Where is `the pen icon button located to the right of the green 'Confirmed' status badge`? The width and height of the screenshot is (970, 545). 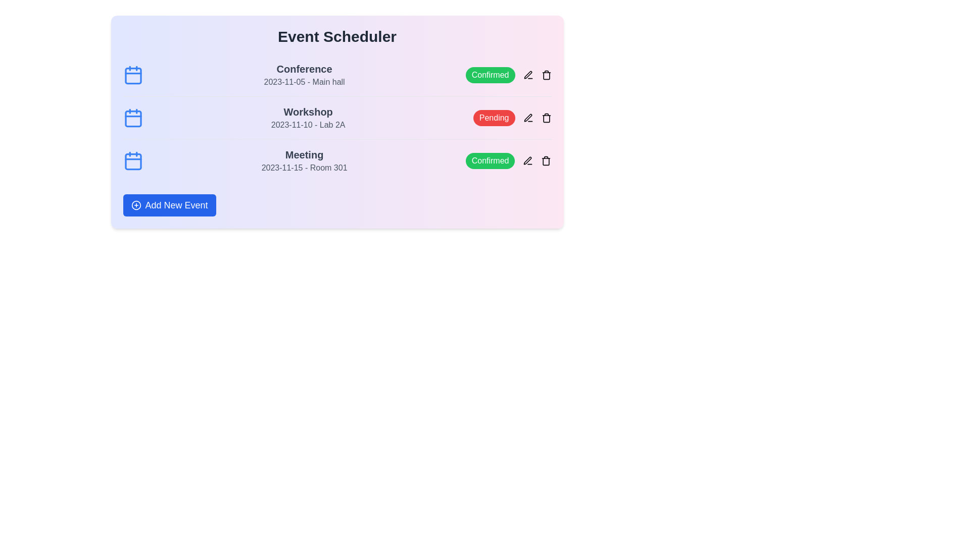
the pen icon button located to the right of the green 'Confirmed' status badge is located at coordinates (527, 75).